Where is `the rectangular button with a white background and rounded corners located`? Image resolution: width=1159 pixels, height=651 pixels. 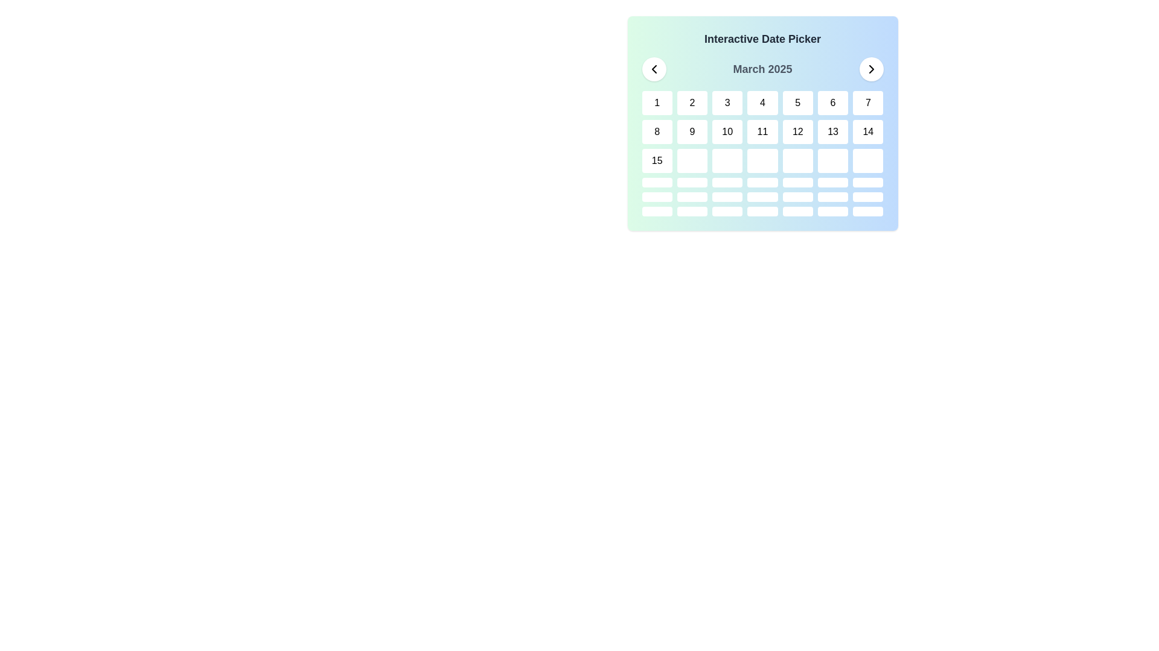
the rectangular button with a white background and rounded corners located is located at coordinates (832, 197).